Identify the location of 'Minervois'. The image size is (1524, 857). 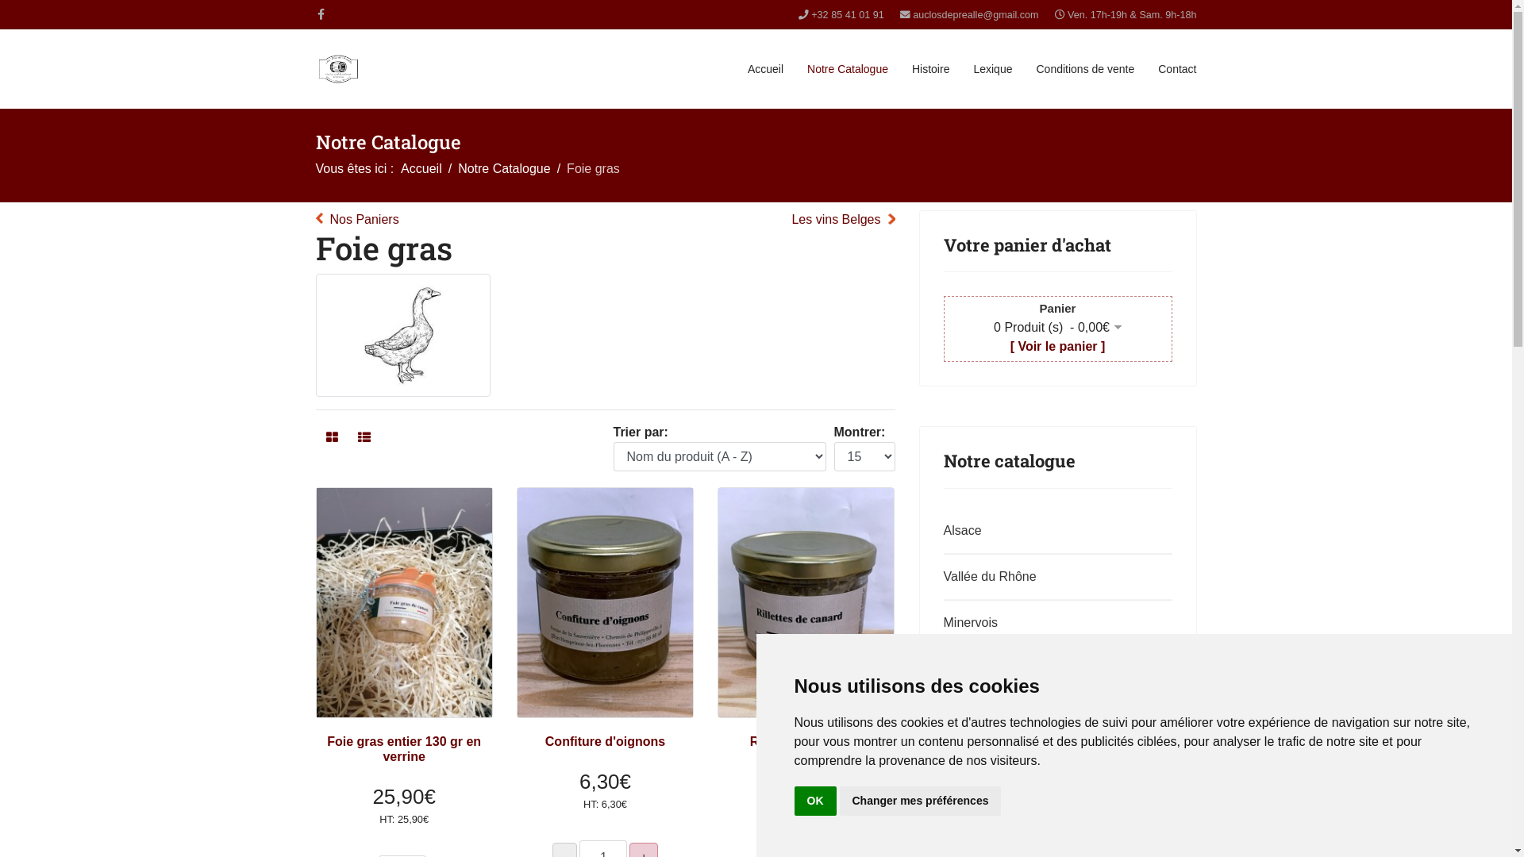
(1054, 622).